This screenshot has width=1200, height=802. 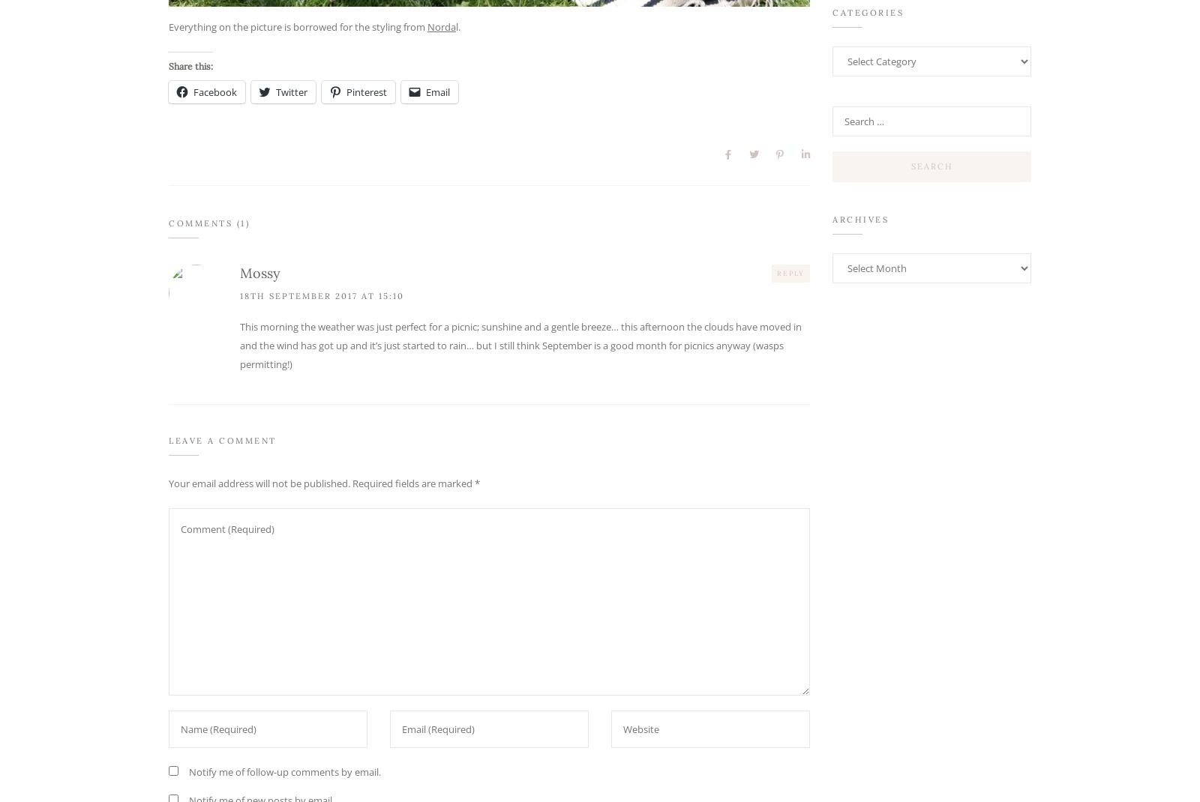 I want to click on 'Pinterest', so click(x=365, y=92).